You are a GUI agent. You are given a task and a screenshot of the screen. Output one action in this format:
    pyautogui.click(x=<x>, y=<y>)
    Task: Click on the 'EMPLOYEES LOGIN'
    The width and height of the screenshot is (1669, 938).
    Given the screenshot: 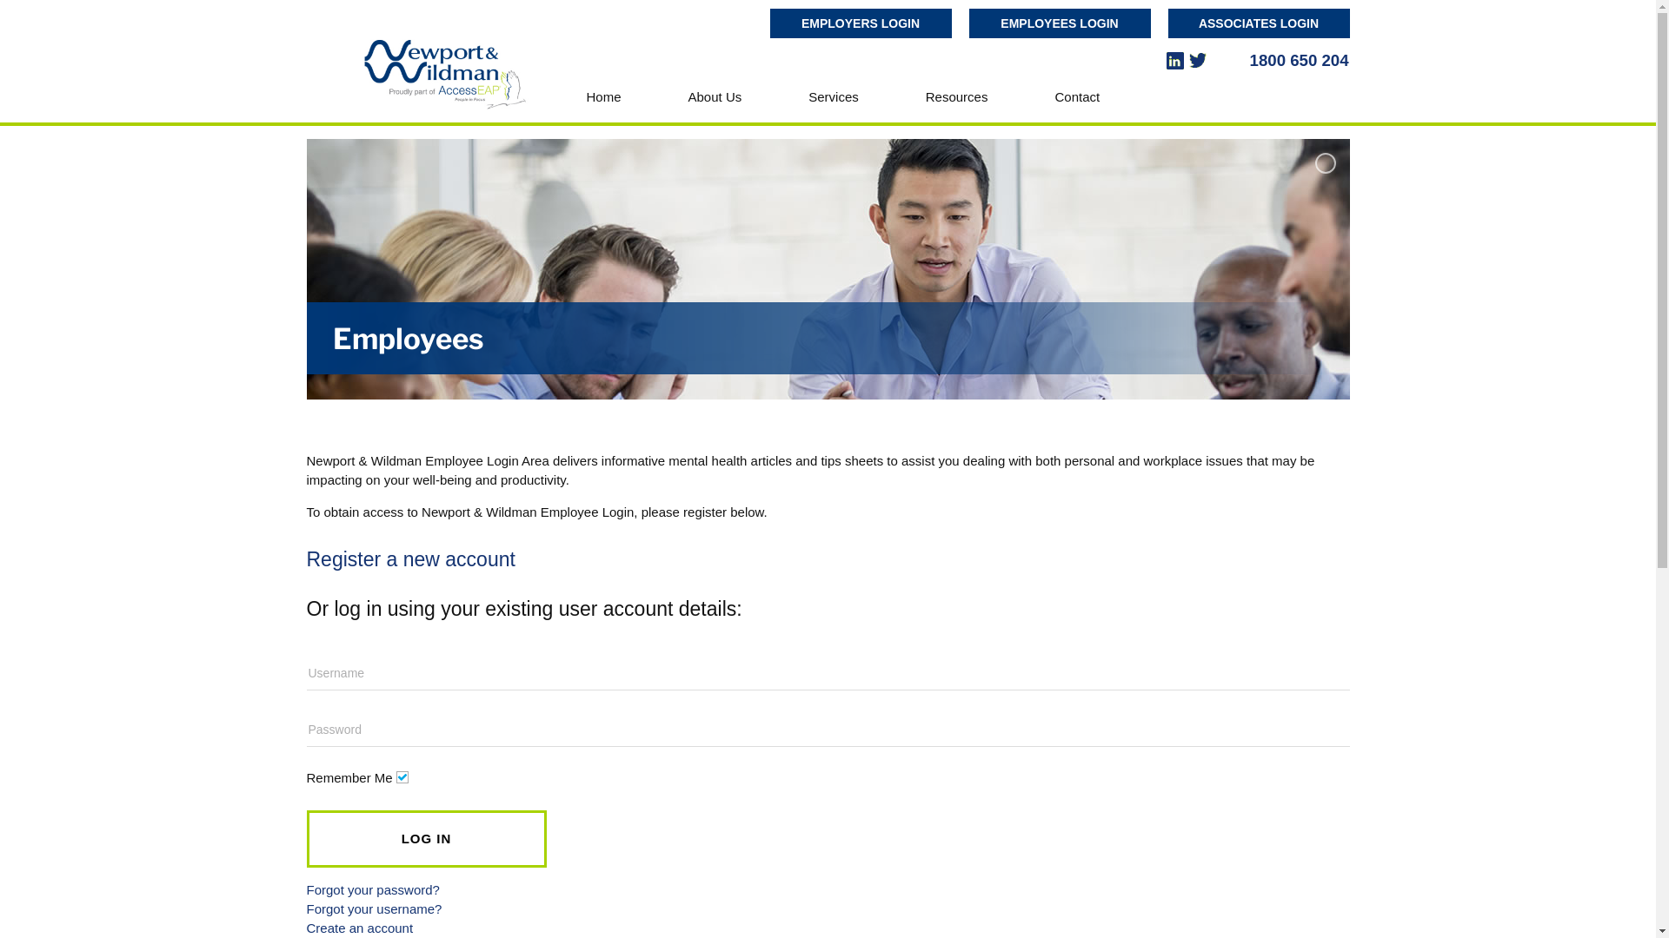 What is the action you would take?
    pyautogui.click(x=1058, y=23)
    